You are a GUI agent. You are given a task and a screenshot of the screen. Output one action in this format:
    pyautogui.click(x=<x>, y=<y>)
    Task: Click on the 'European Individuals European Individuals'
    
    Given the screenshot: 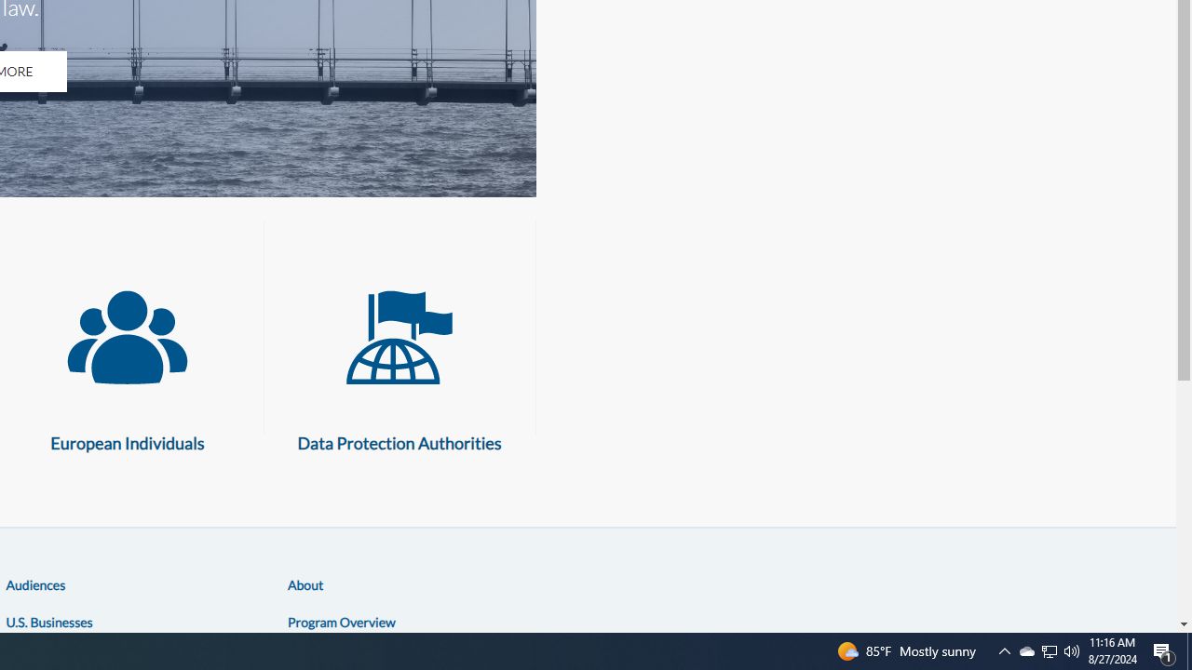 What is the action you would take?
    pyautogui.click(x=126, y=362)
    